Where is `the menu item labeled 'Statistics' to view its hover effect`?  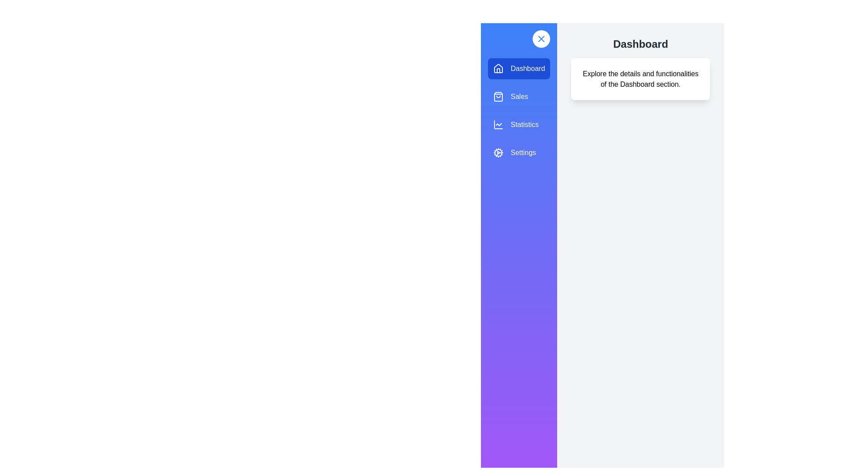
the menu item labeled 'Statistics' to view its hover effect is located at coordinates (519, 125).